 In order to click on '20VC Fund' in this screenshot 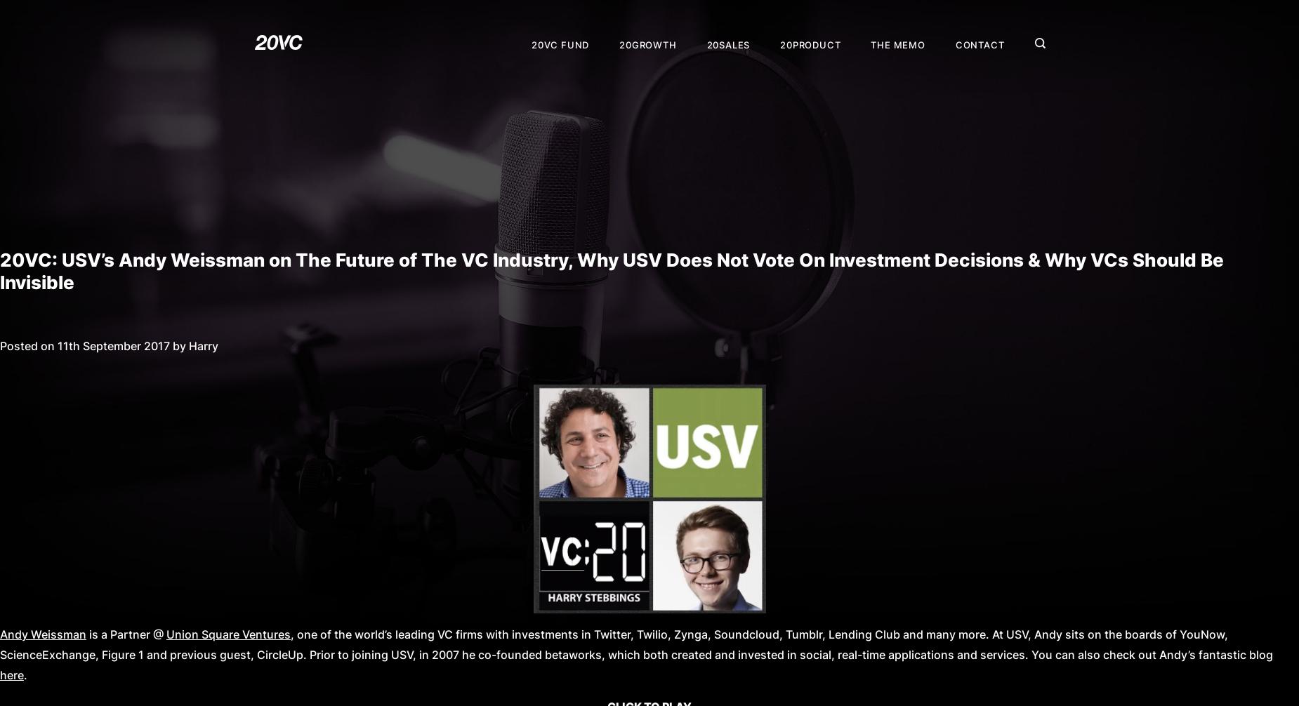, I will do `click(532, 44)`.